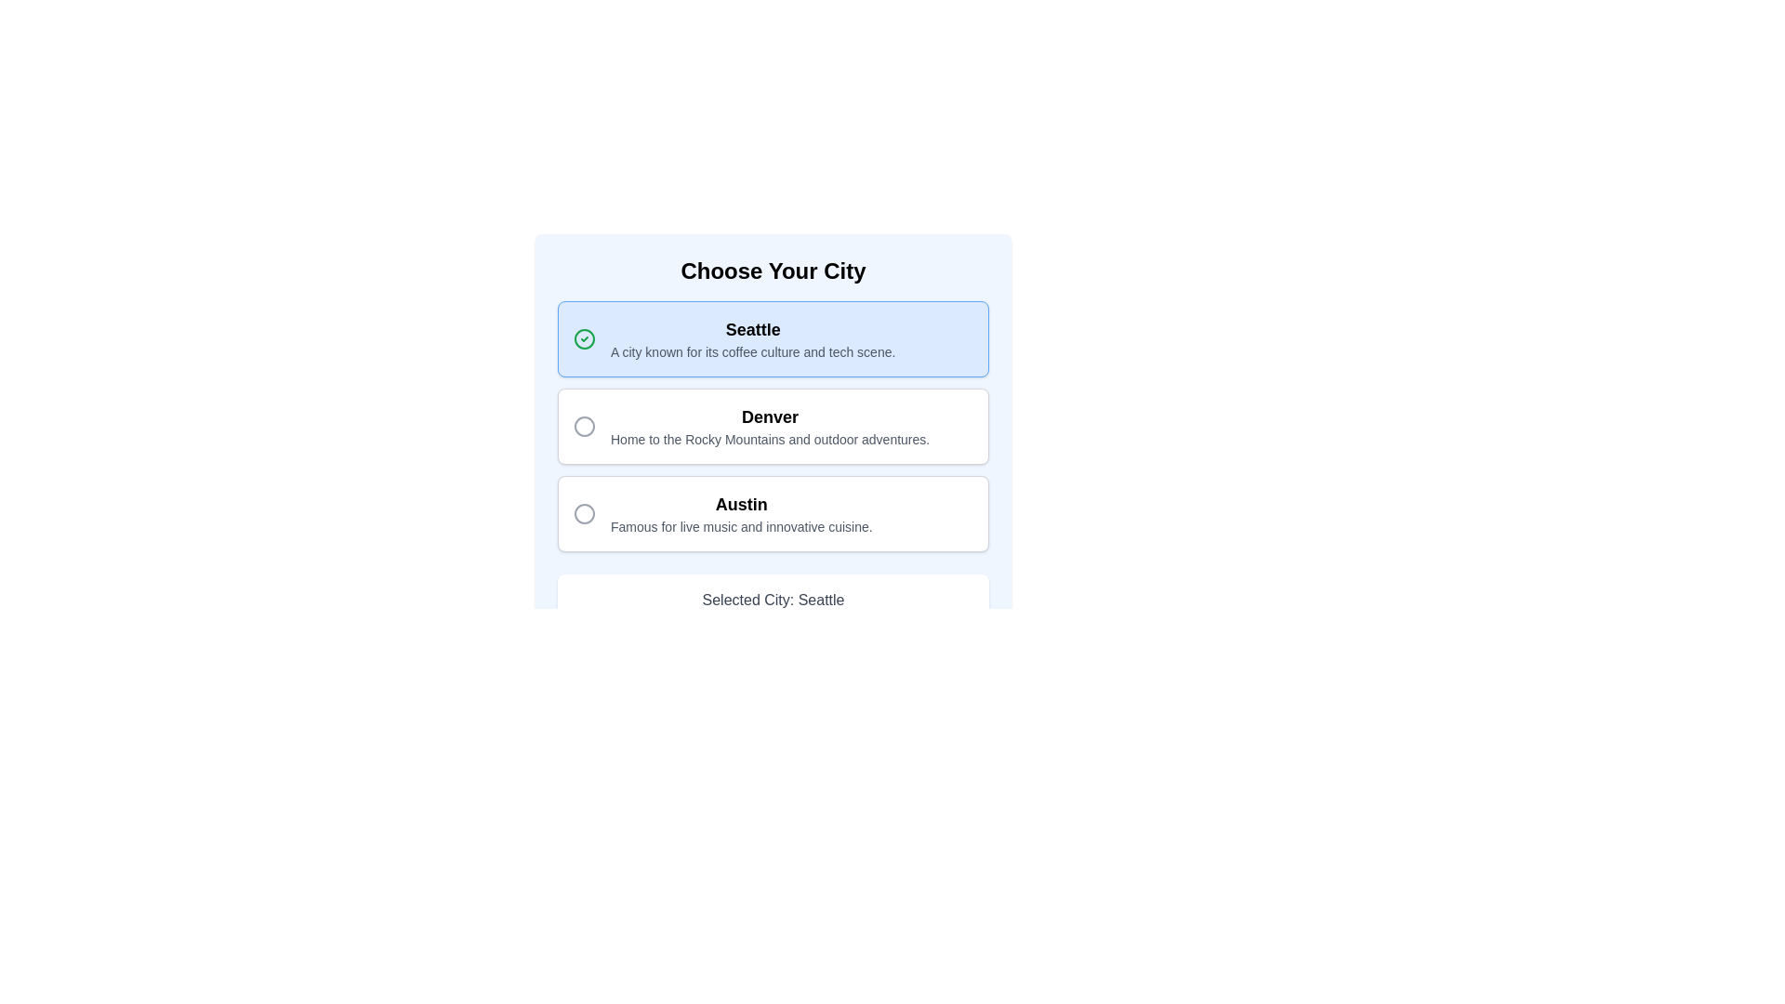 This screenshot has height=1004, width=1785. Describe the element at coordinates (773, 513) in the screenshot. I see `the third selectable card in the list` at that location.